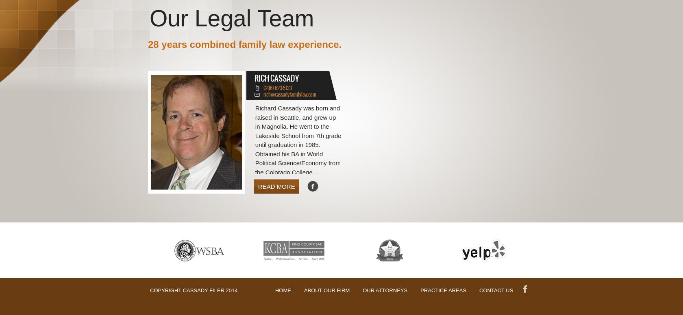 The height and width of the screenshot is (315, 683). I want to click on 'About Our Firm', so click(326, 290).